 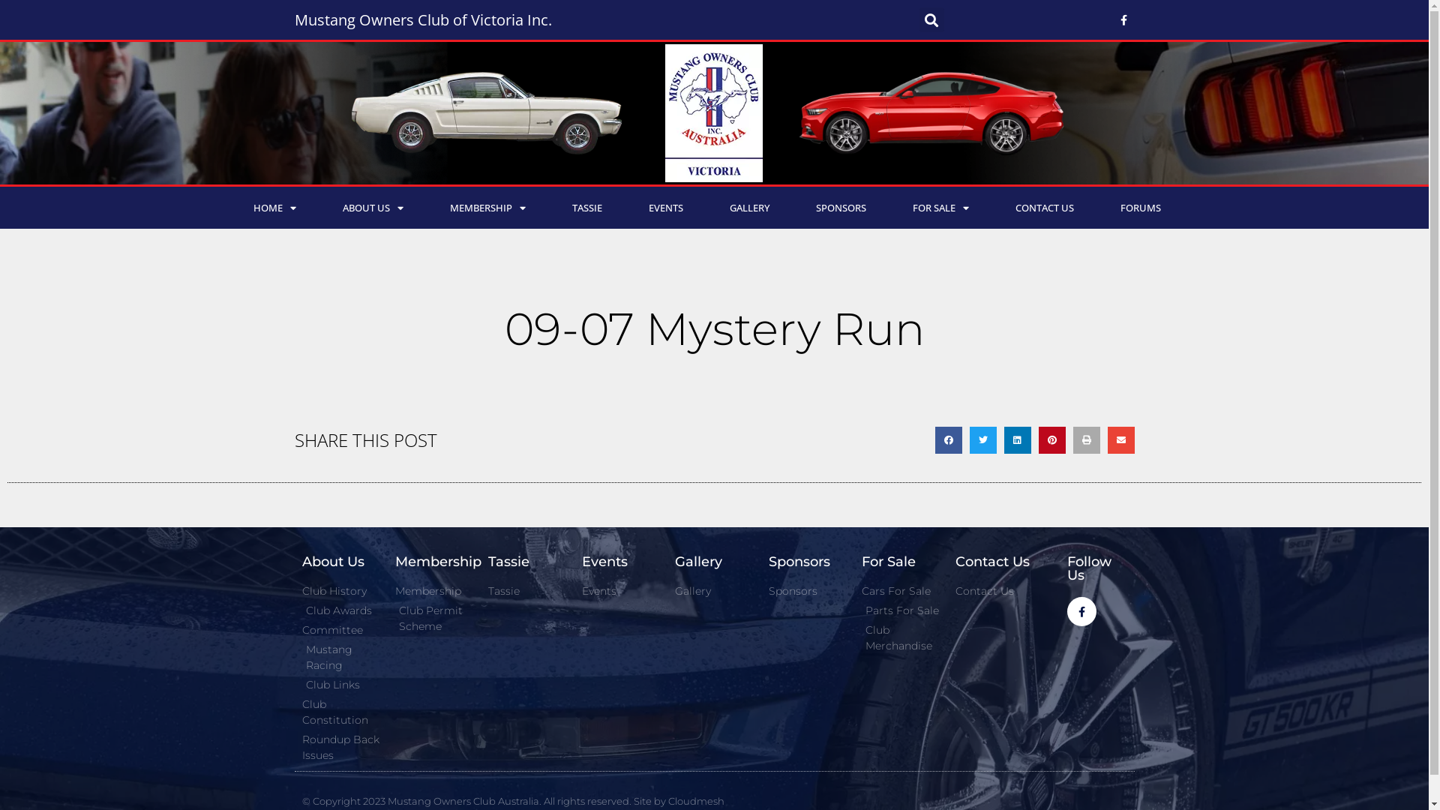 What do you see at coordinates (301, 656) in the screenshot?
I see `'Mustang Racing'` at bounding box center [301, 656].